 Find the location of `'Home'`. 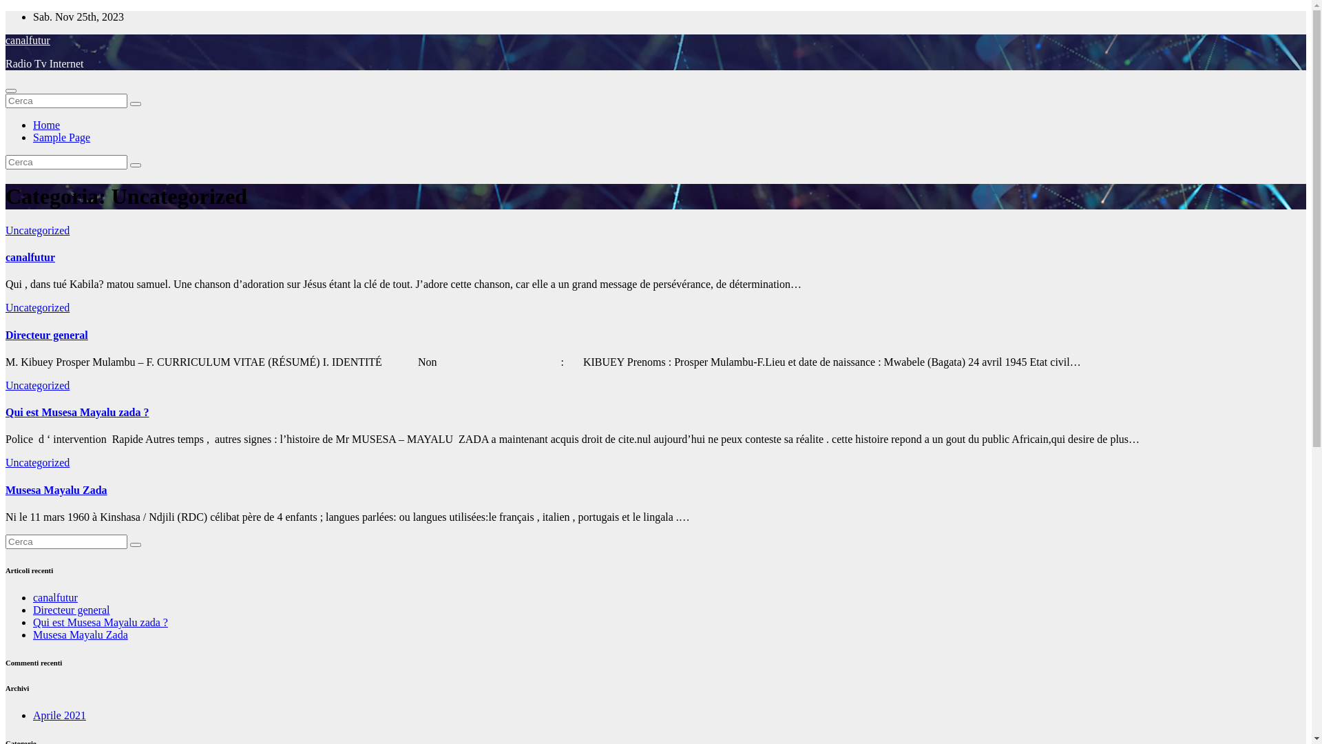

'Home' is located at coordinates (46, 125).